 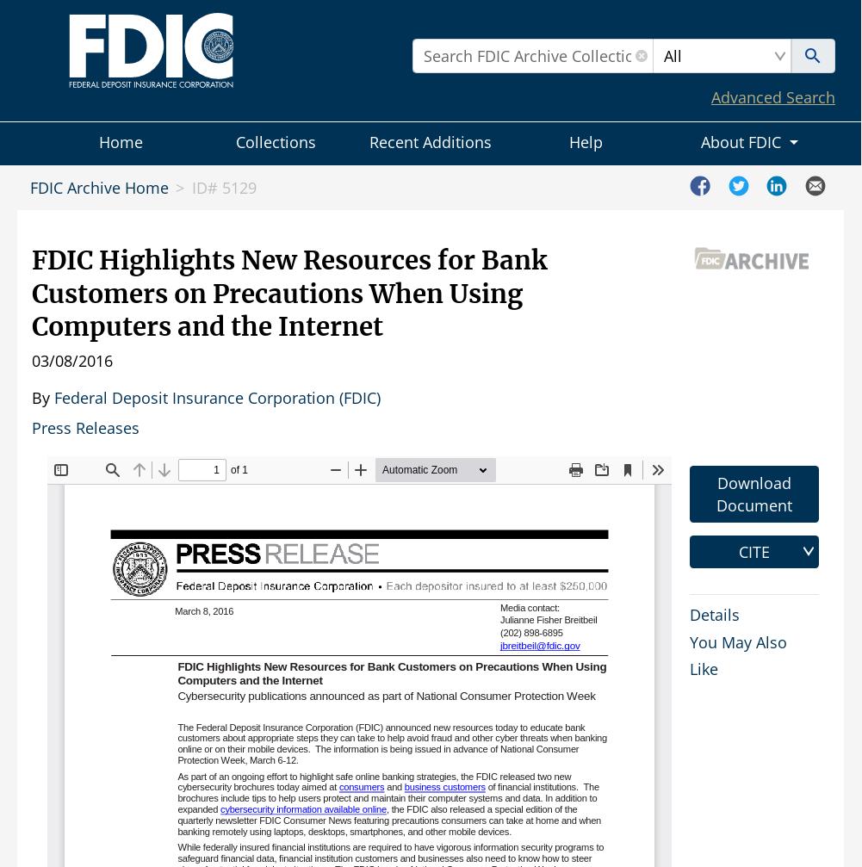 What do you see at coordinates (714, 612) in the screenshot?
I see `'Details'` at bounding box center [714, 612].